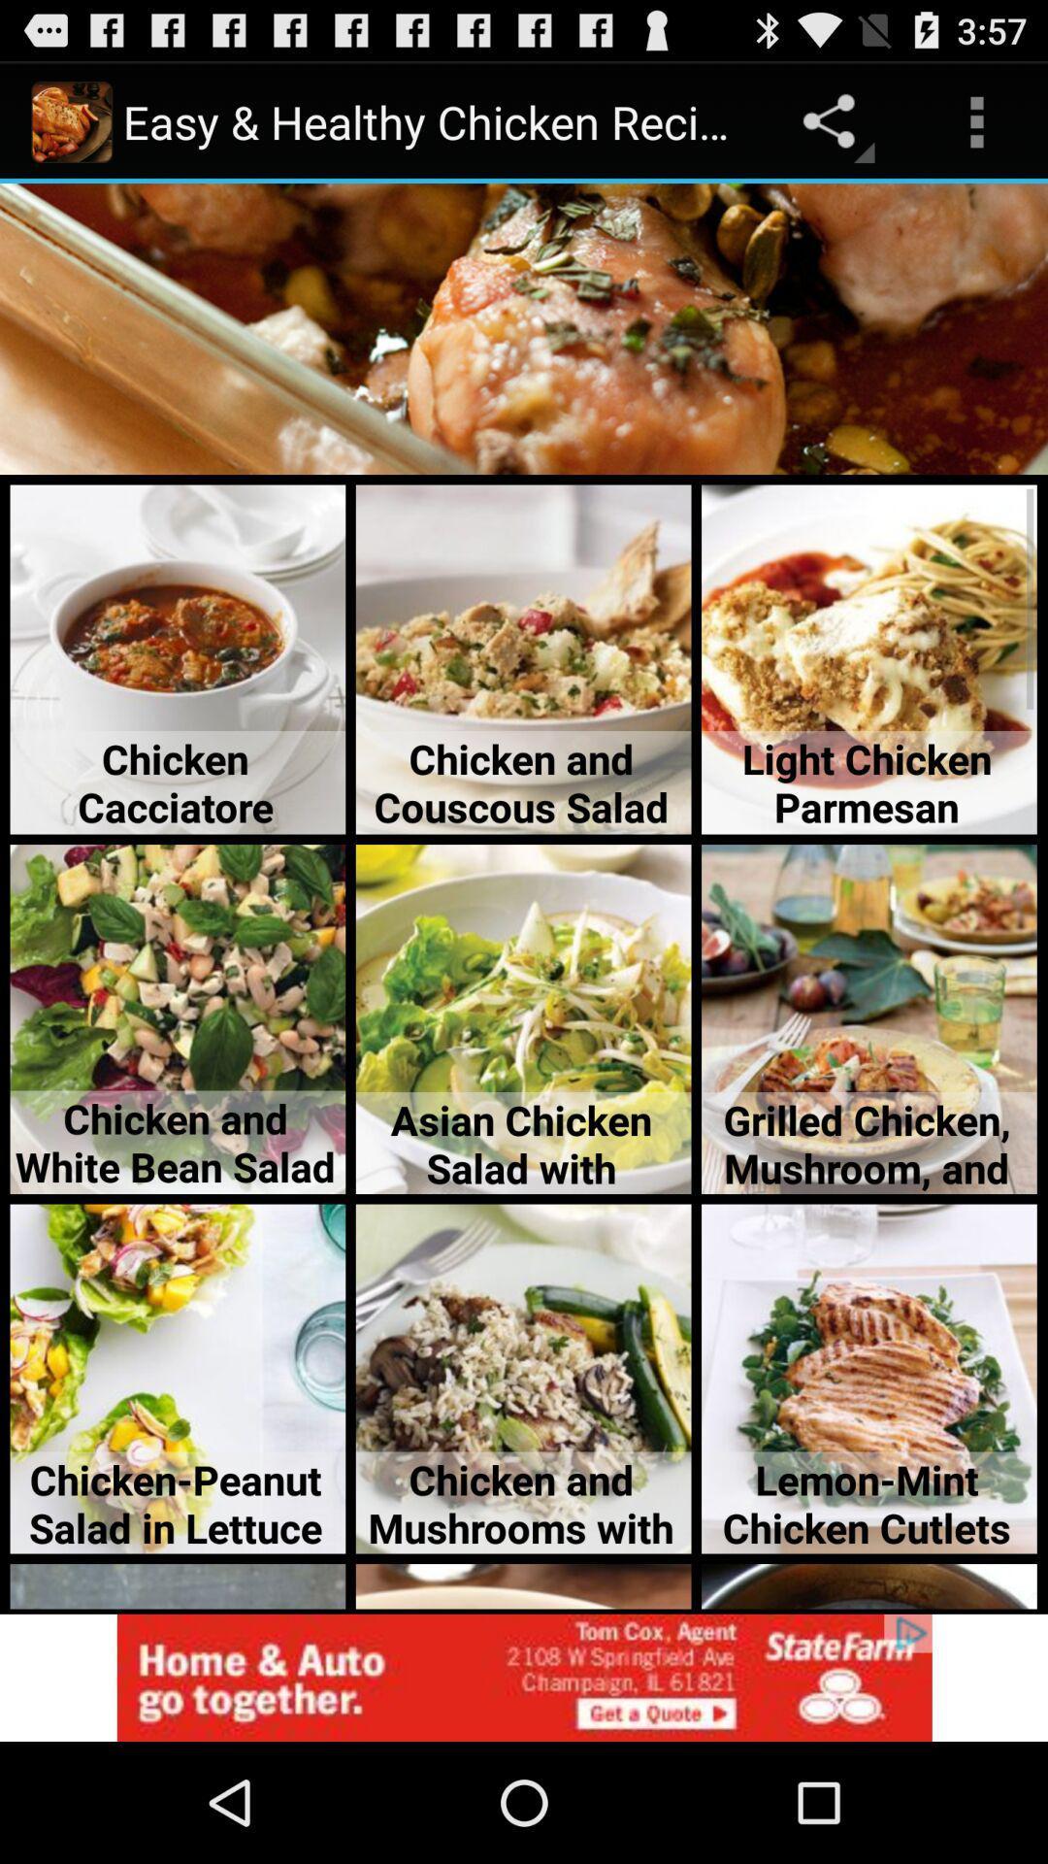 This screenshot has height=1864, width=1048. Describe the element at coordinates (868, 660) in the screenshot. I see `light chicken parmesan` at that location.